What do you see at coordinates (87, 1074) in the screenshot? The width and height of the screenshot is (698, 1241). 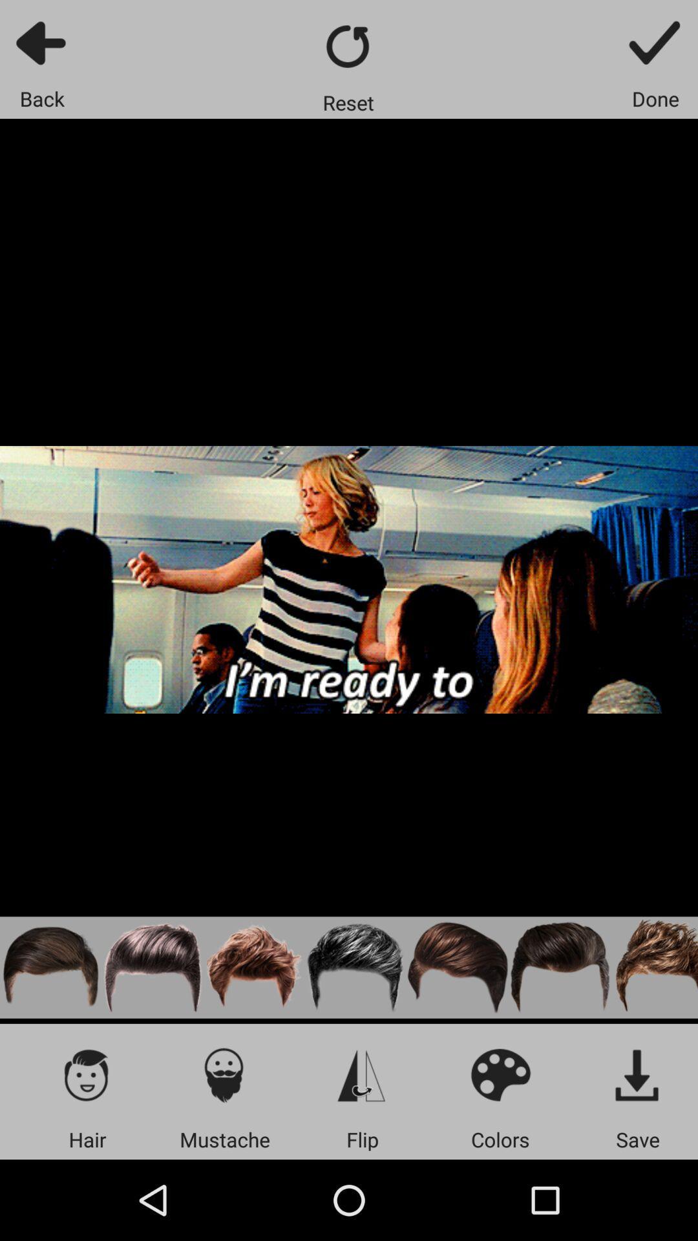 I see `hair options` at bounding box center [87, 1074].